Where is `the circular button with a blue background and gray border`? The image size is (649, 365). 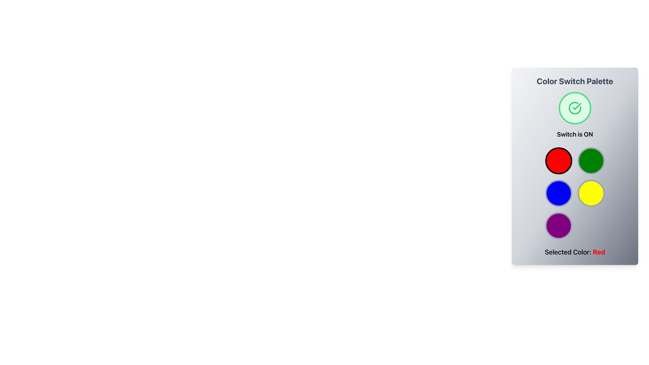 the circular button with a blue background and gray border is located at coordinates (558, 193).